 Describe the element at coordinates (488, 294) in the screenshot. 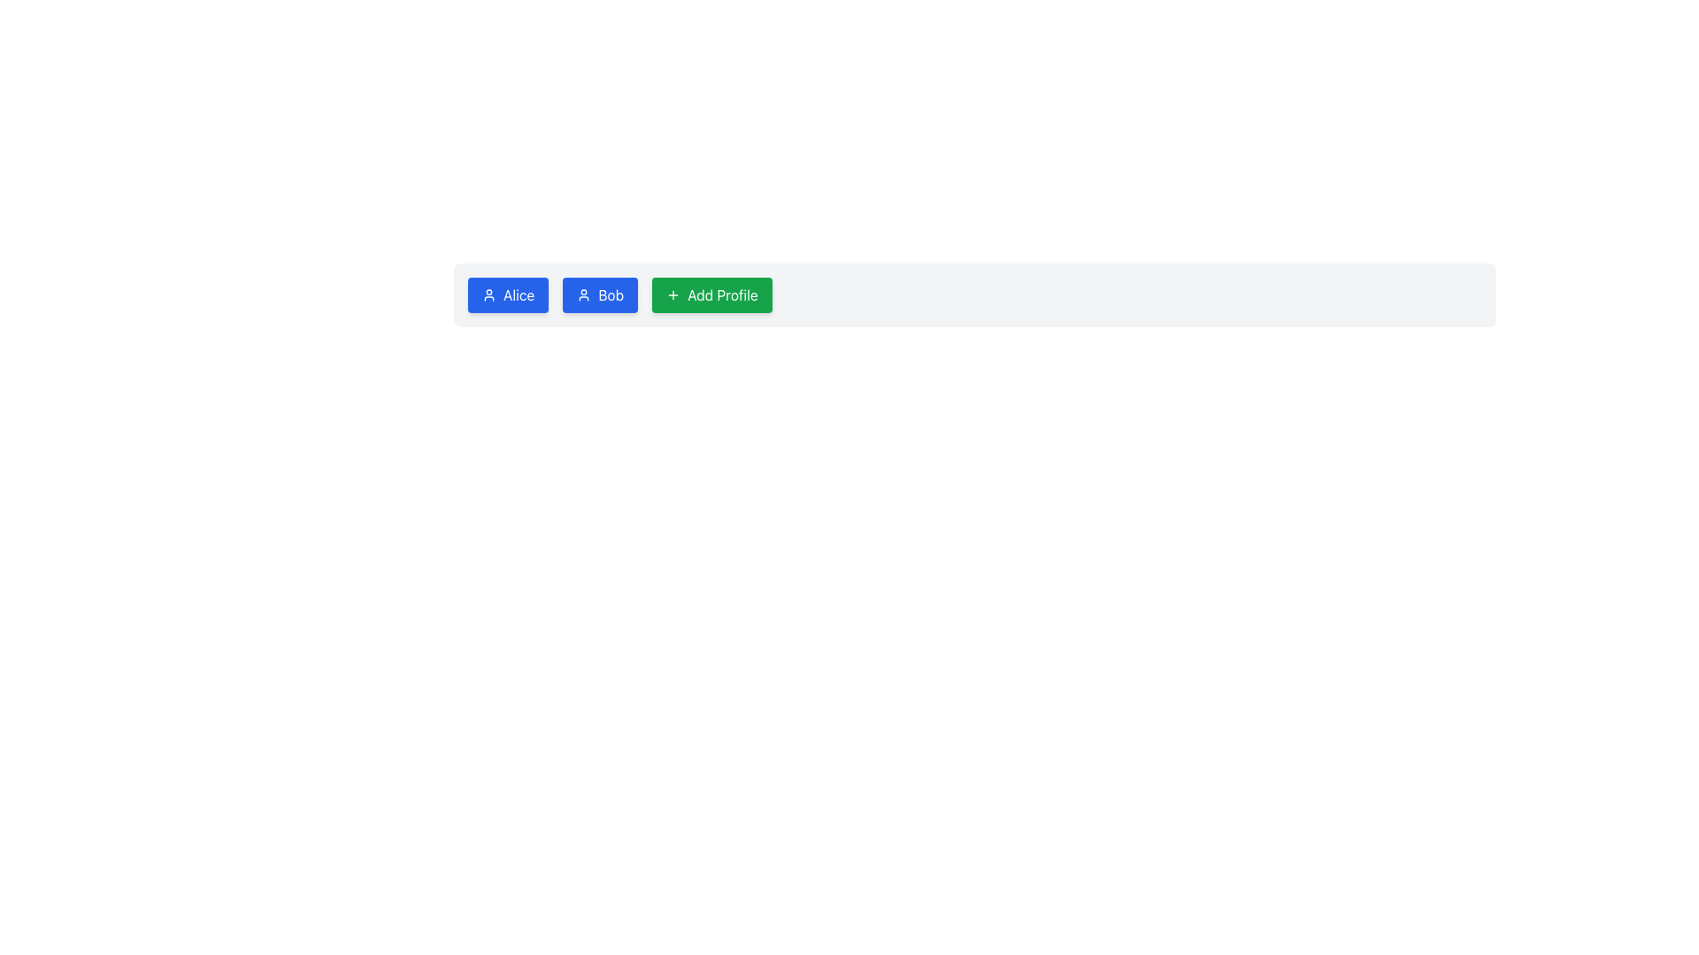

I see `the circular user icon that is white on a blue background, located to the left of the text 'Alice'` at that location.